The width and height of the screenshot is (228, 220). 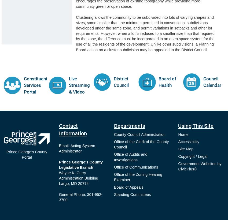 I want to click on 'Office of the Zoning Hearing Examiner', so click(x=137, y=177).